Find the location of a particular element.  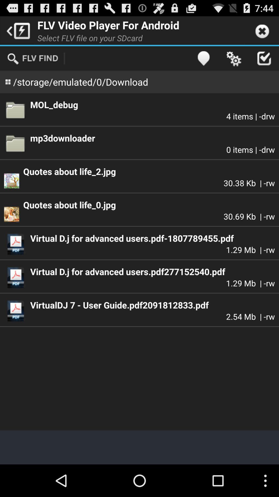

item below the 1 29 mb item is located at coordinates (152, 305).